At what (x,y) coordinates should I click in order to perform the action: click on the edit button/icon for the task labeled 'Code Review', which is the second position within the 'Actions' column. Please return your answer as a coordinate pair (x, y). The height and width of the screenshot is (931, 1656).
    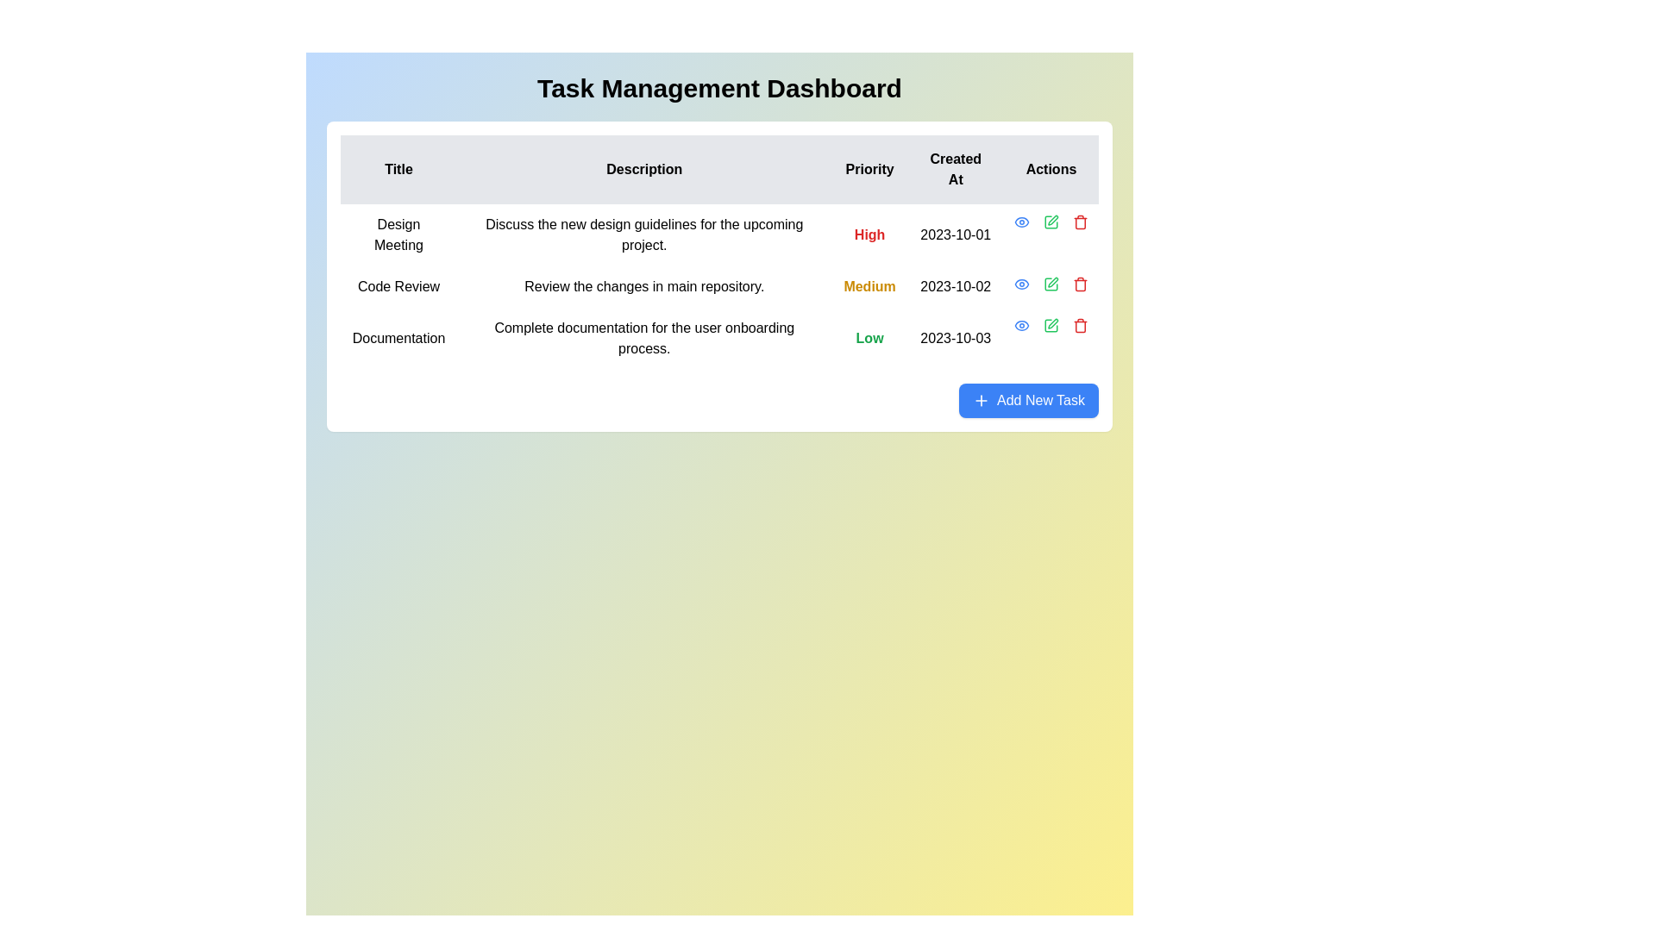
    Looking at the image, I should click on (1051, 222).